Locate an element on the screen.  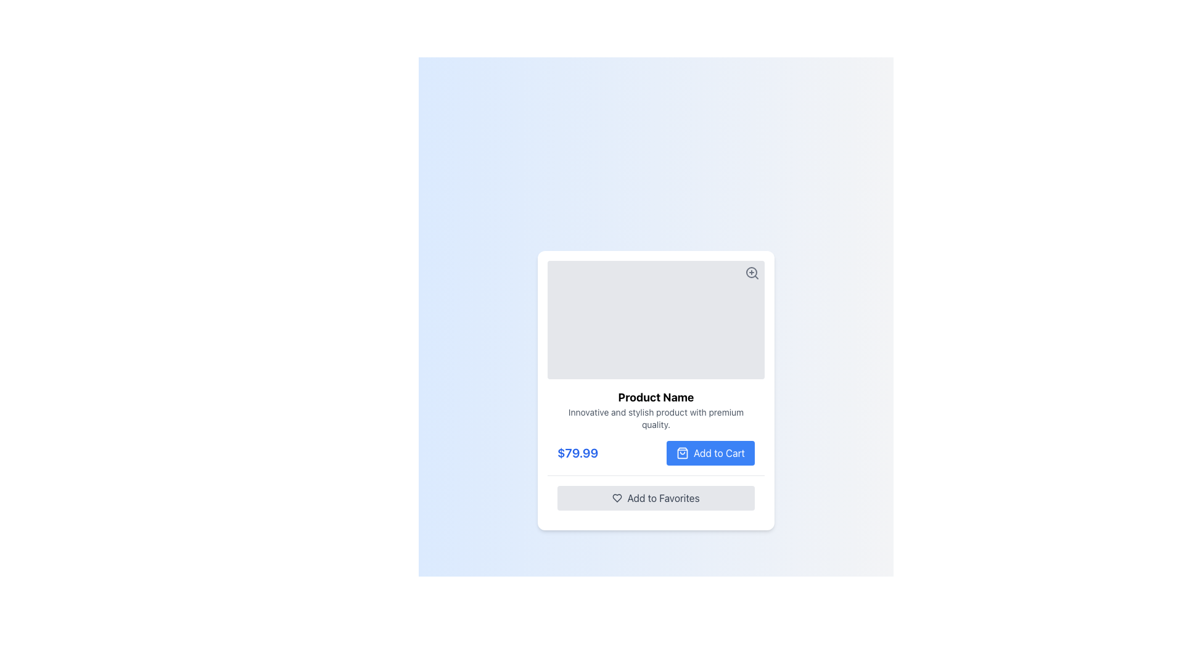
the favorite button located at the bottom of the card layout to mark the associated product as a favorite is located at coordinates (656, 496).